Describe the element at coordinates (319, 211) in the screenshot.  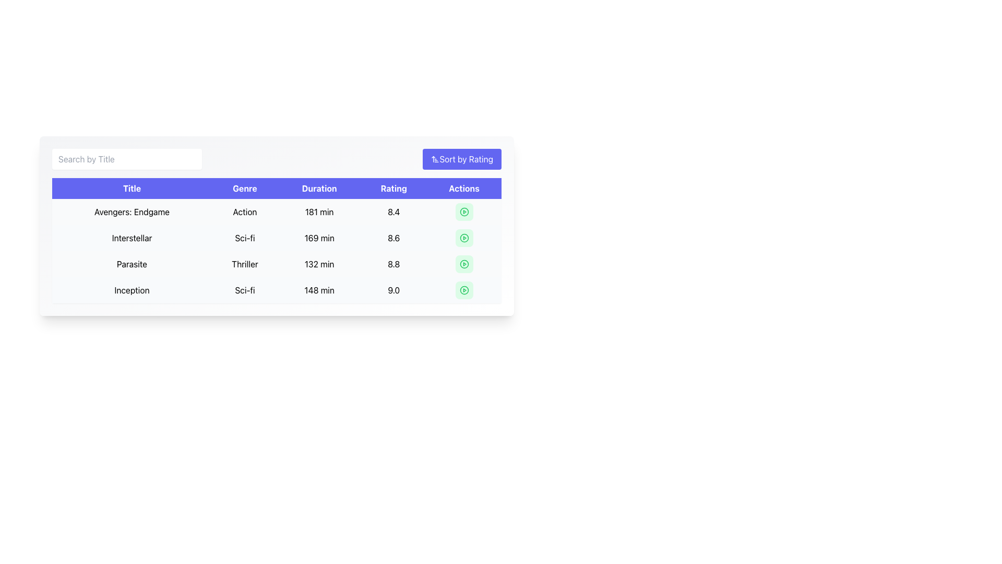
I see `duration value of the movie 'Avengers: Endgame' displayed in the Text Label located in the third column of the first row of the table` at that location.